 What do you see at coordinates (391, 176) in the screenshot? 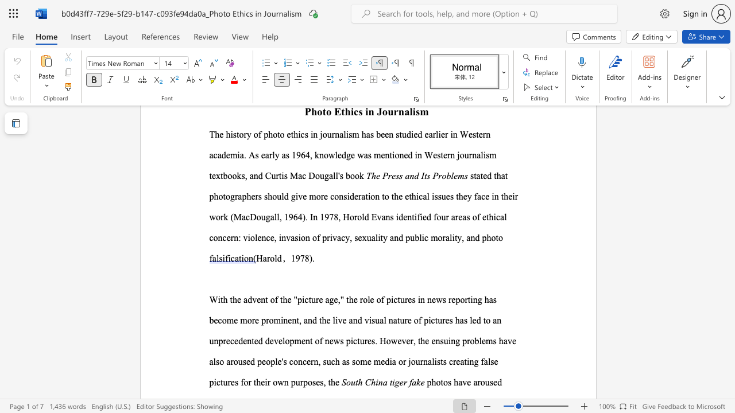
I see `the subset text "ess and Its Problem" within the text "The Press and Its Problems"` at bounding box center [391, 176].